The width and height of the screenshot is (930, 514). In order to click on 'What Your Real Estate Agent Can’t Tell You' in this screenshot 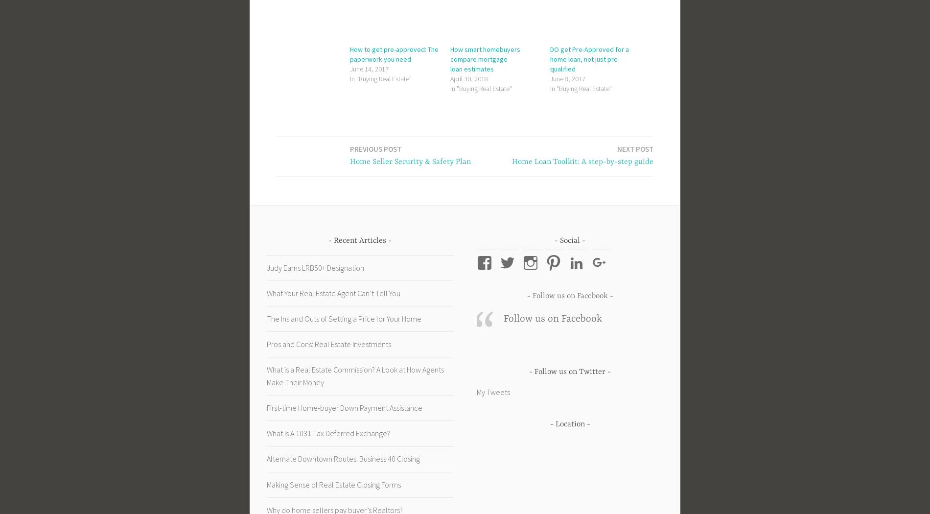, I will do `click(333, 292)`.